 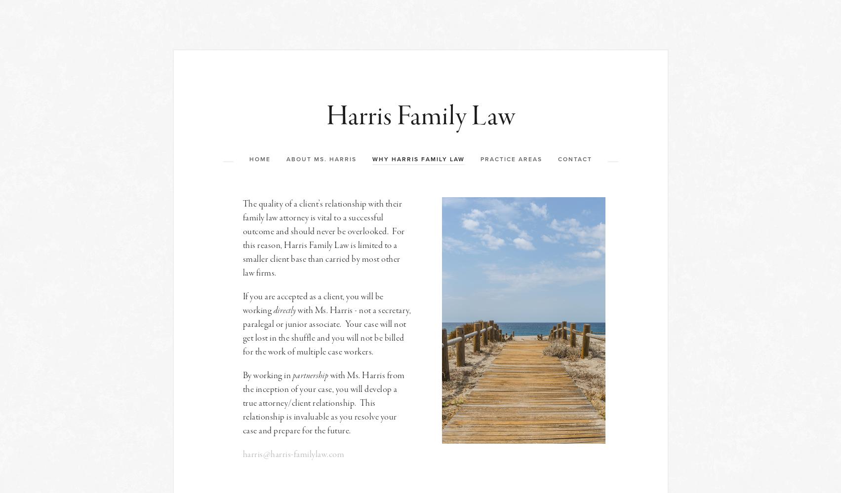 What do you see at coordinates (324, 402) in the screenshot?
I see `'with Ms. Harris from the inception of your case, you will develop a true attorney/client relationship.  This relationship is invaluable as you resolve your case and prepare for the future.'` at bounding box center [324, 402].